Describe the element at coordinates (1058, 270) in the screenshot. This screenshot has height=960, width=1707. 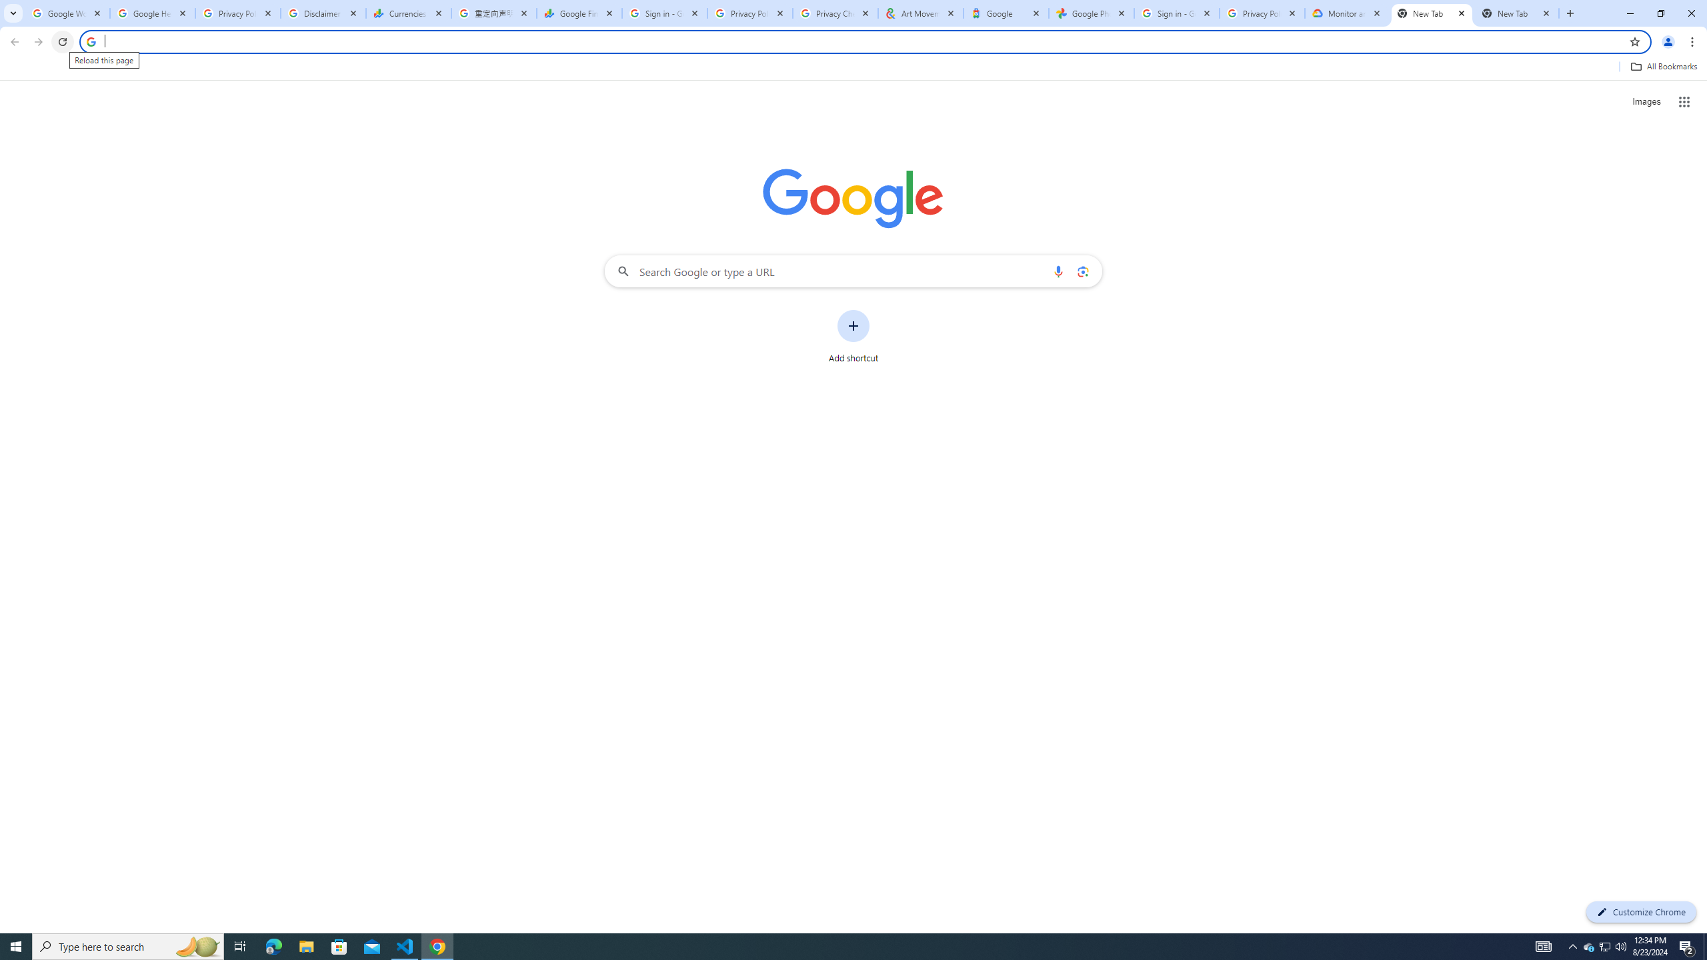
I see `'Search by voice'` at that location.